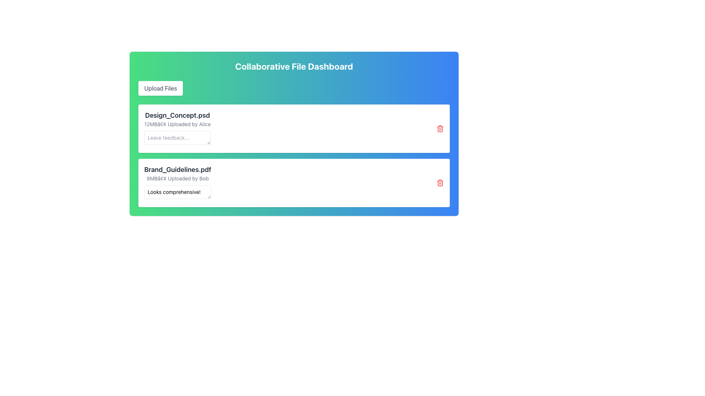  Describe the element at coordinates (294, 182) in the screenshot. I see `the second file entry panel in the collaborative dashboard` at that location.